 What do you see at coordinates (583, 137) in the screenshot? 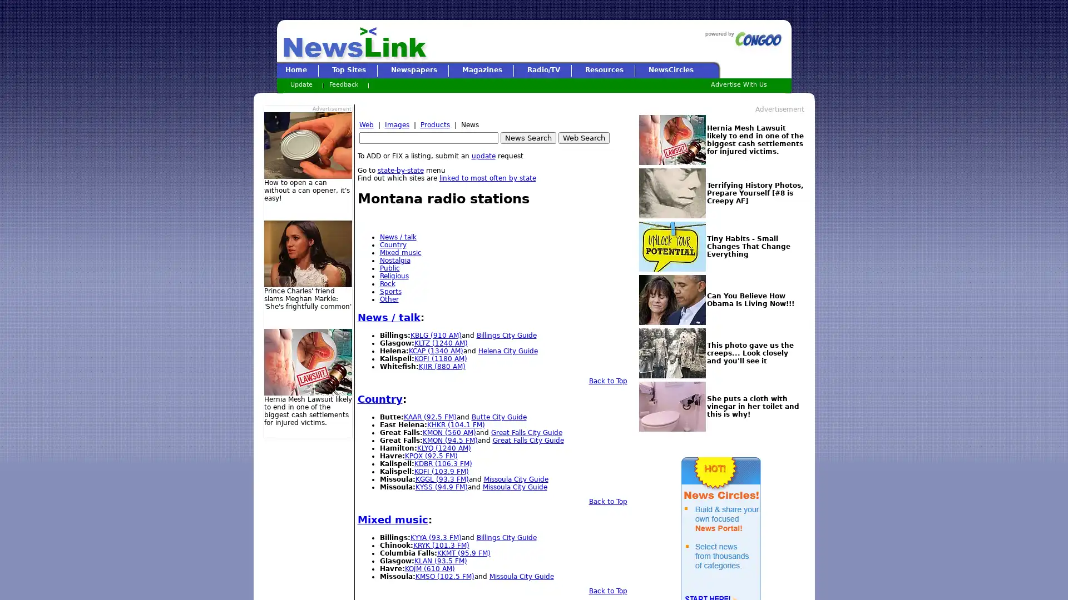
I see `Web Search` at bounding box center [583, 137].